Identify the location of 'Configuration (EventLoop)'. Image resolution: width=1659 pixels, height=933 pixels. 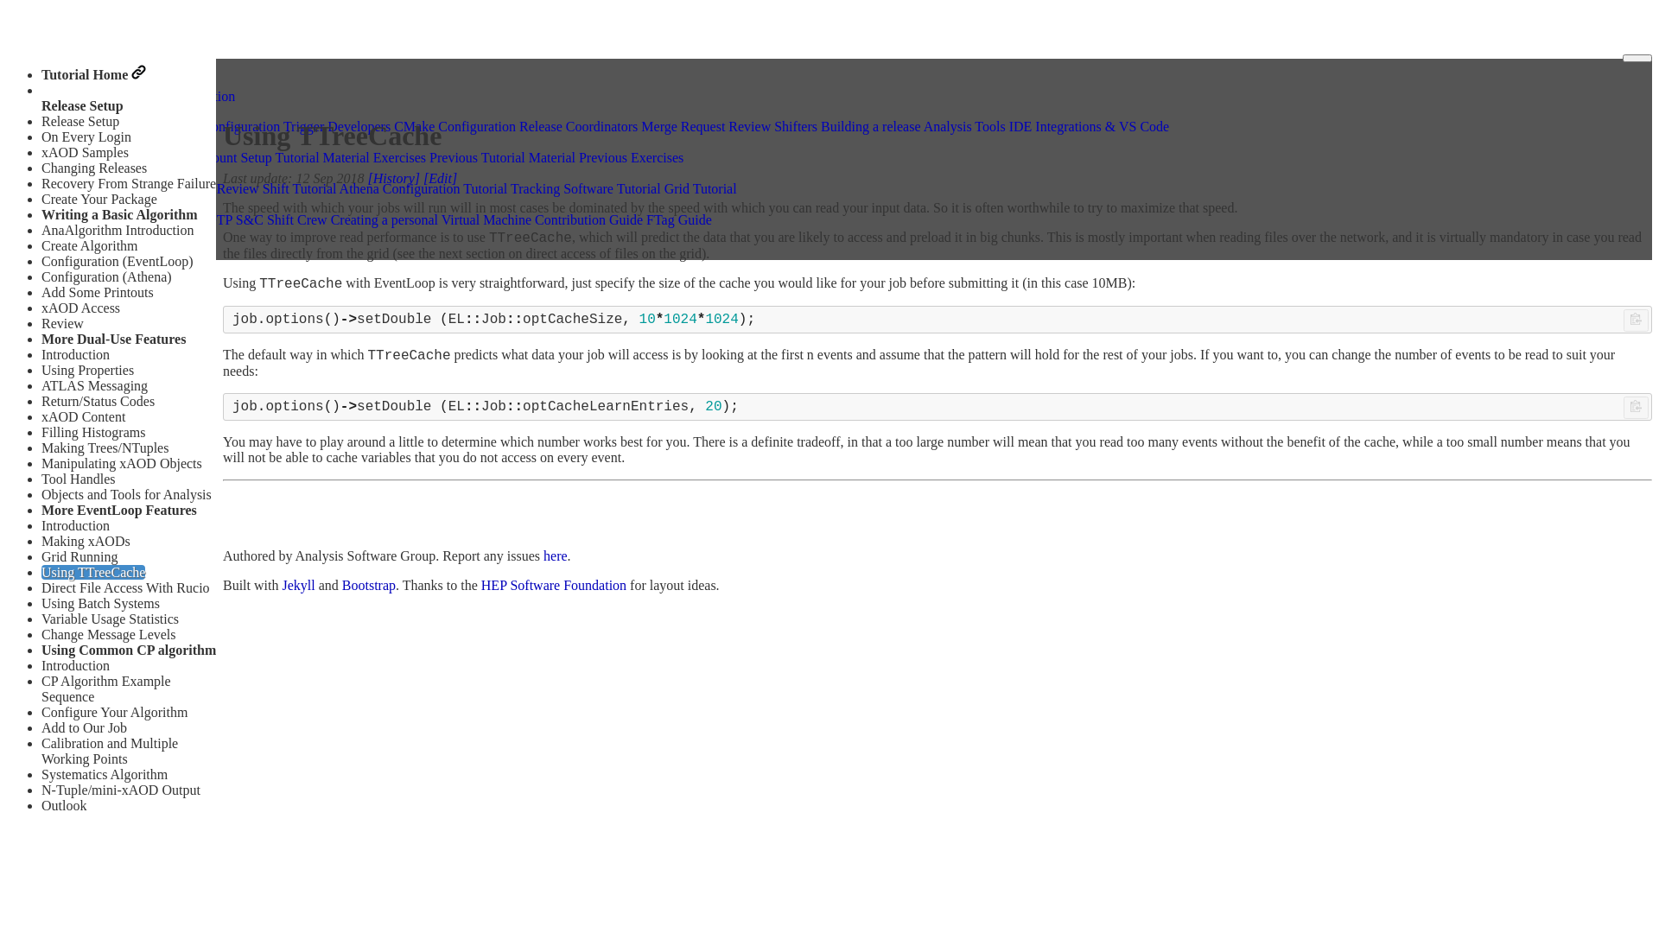
(41, 261).